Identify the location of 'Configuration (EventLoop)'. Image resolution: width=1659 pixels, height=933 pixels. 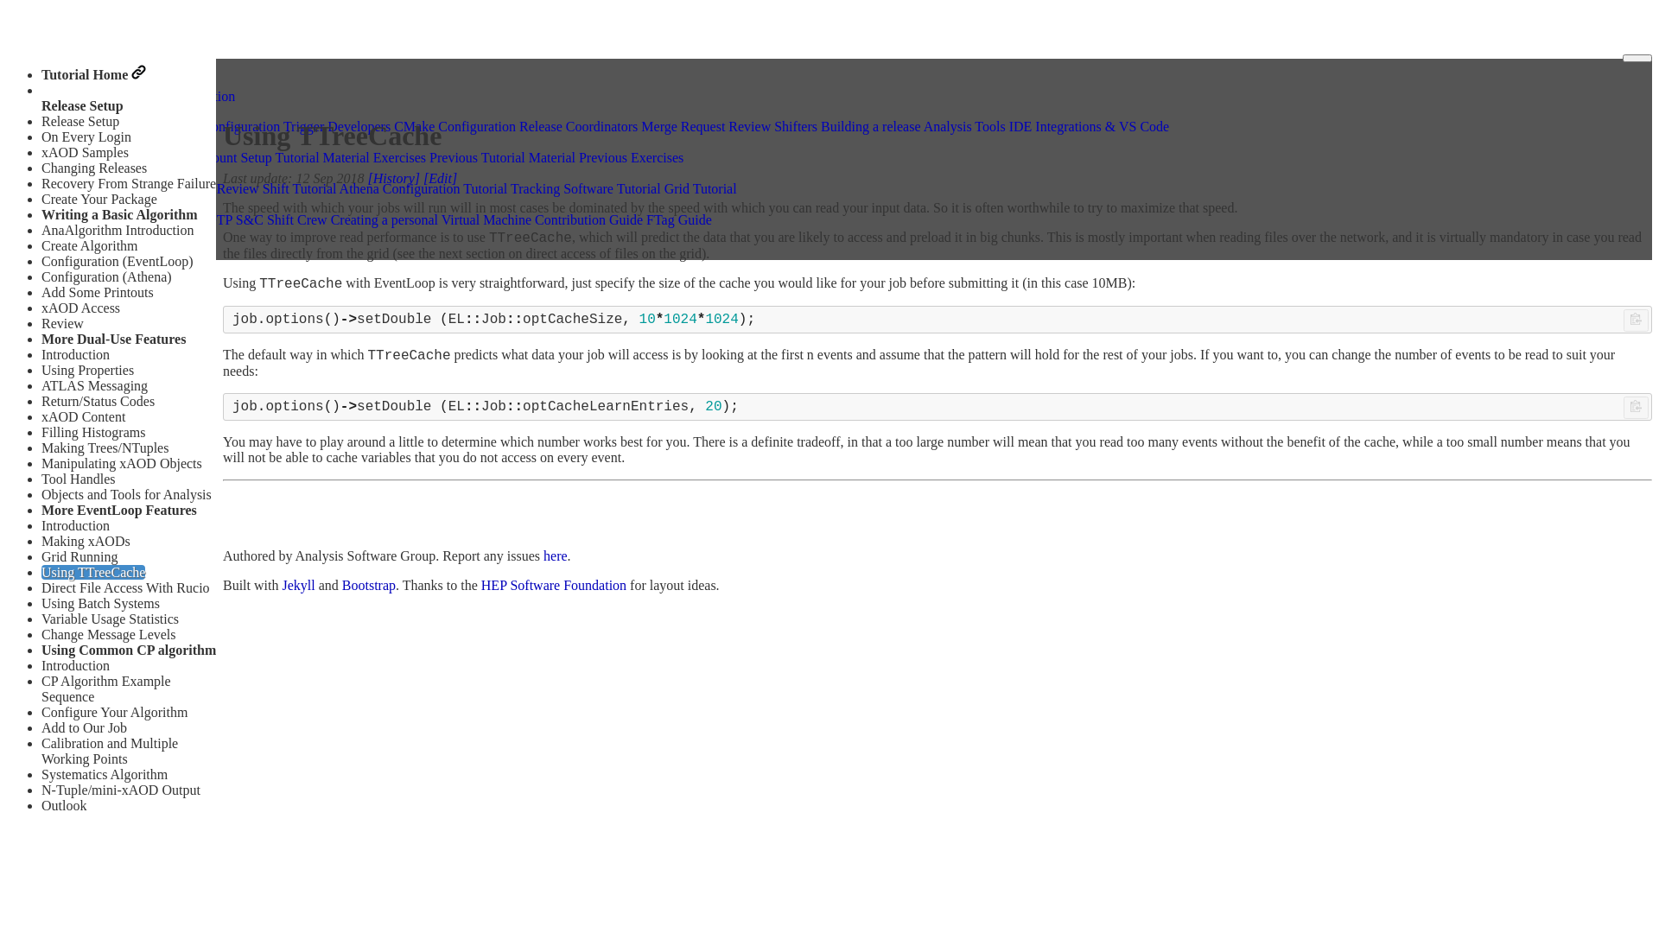
(41, 261).